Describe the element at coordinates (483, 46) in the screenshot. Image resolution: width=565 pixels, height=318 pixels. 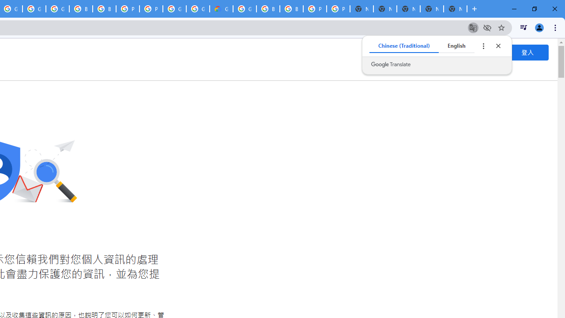
I see `'Translate options'` at that location.